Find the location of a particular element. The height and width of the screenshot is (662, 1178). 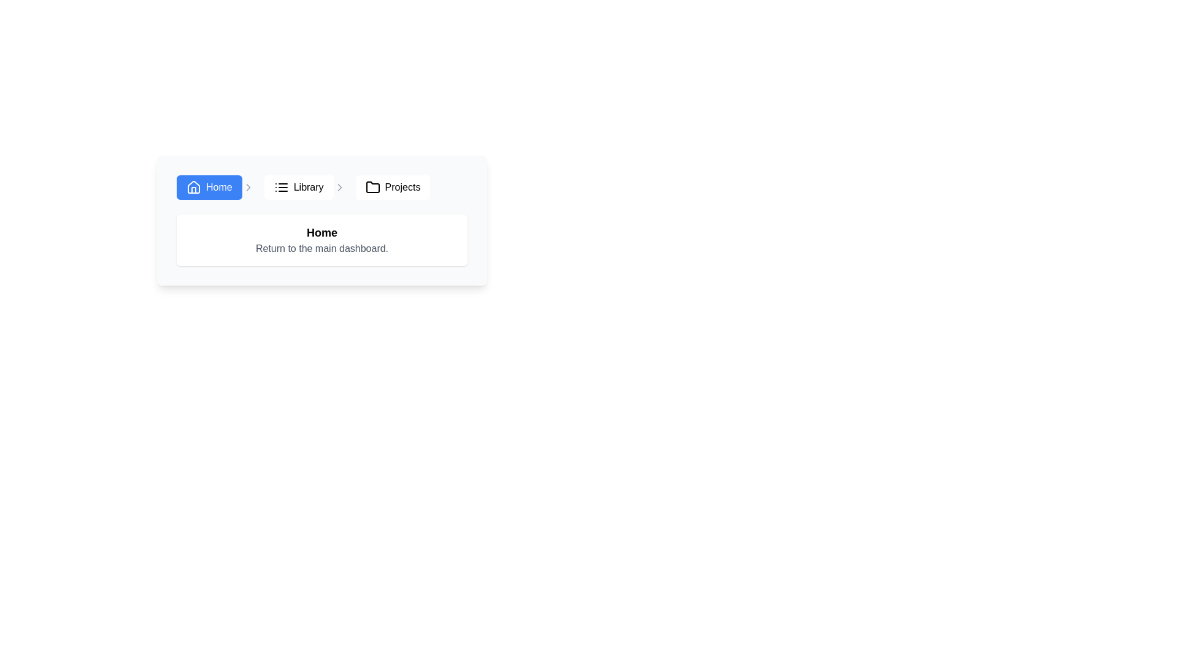

the second item in the breadcrumb navigation bar is located at coordinates (305, 187).